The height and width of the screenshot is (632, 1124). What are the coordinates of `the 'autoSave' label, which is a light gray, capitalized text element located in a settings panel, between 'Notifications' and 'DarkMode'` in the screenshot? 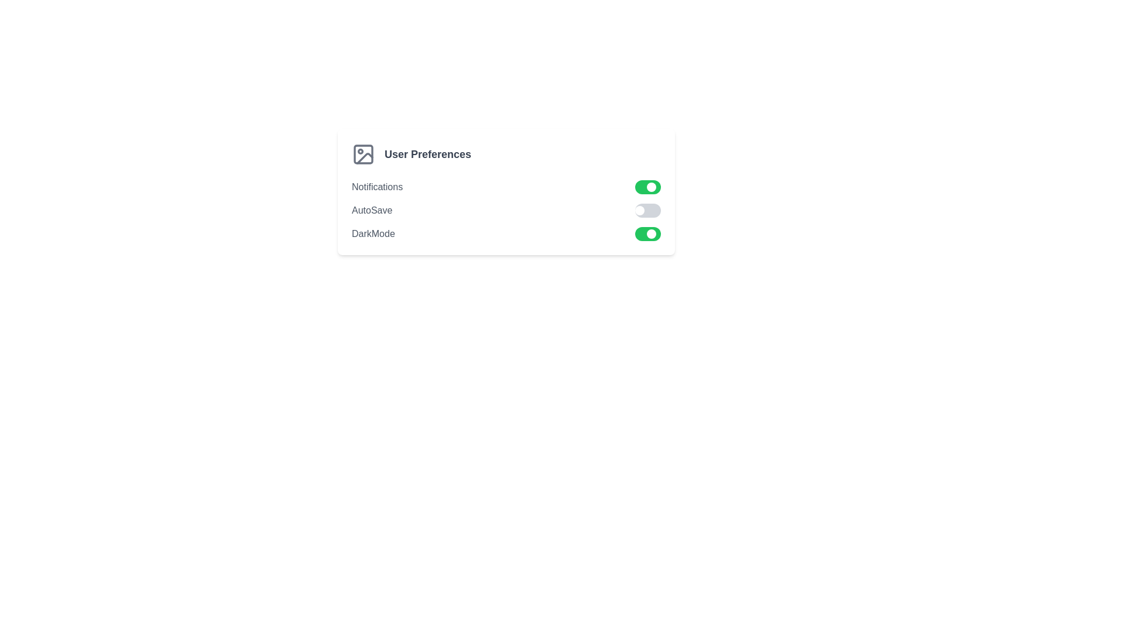 It's located at (371, 209).